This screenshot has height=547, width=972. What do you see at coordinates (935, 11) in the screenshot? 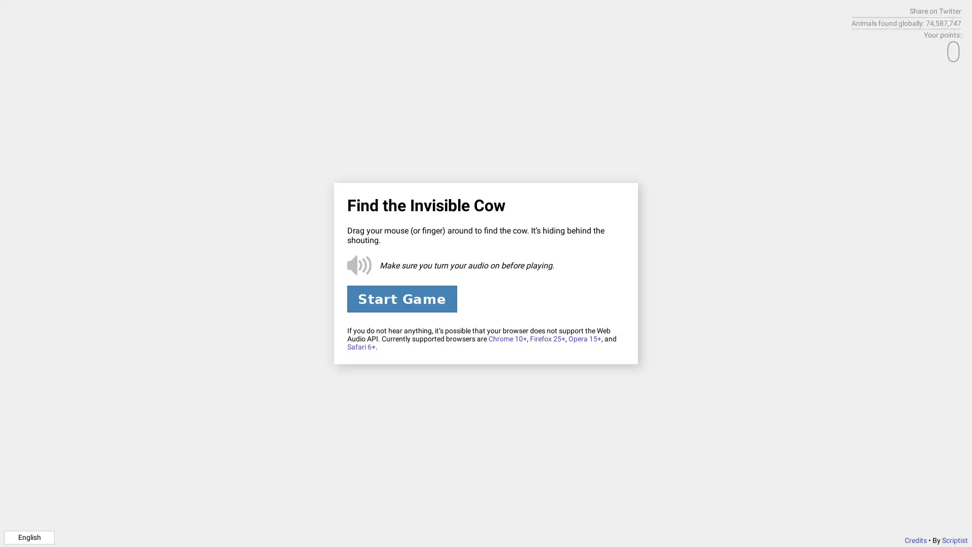
I see `Share on Twitter` at bounding box center [935, 11].